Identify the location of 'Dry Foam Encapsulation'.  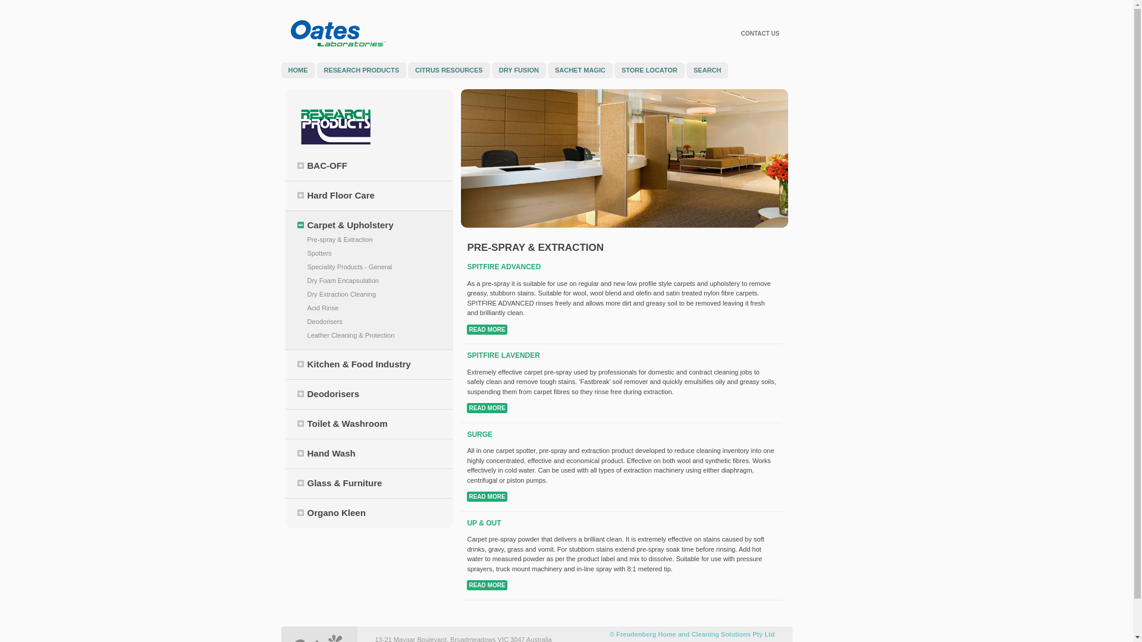
(342, 280).